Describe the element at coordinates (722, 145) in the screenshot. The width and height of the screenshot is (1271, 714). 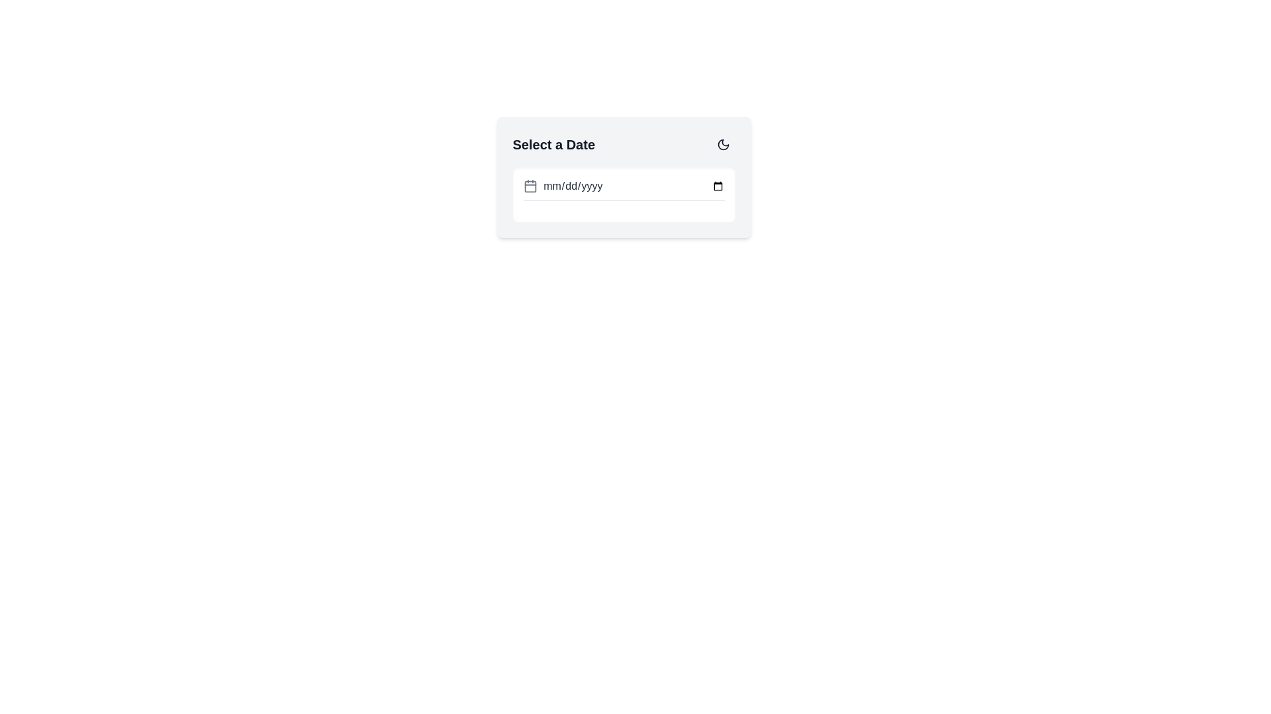
I see `the rounded button with a moon-shaped icon located to the right of the 'Select a Date' heading` at that location.